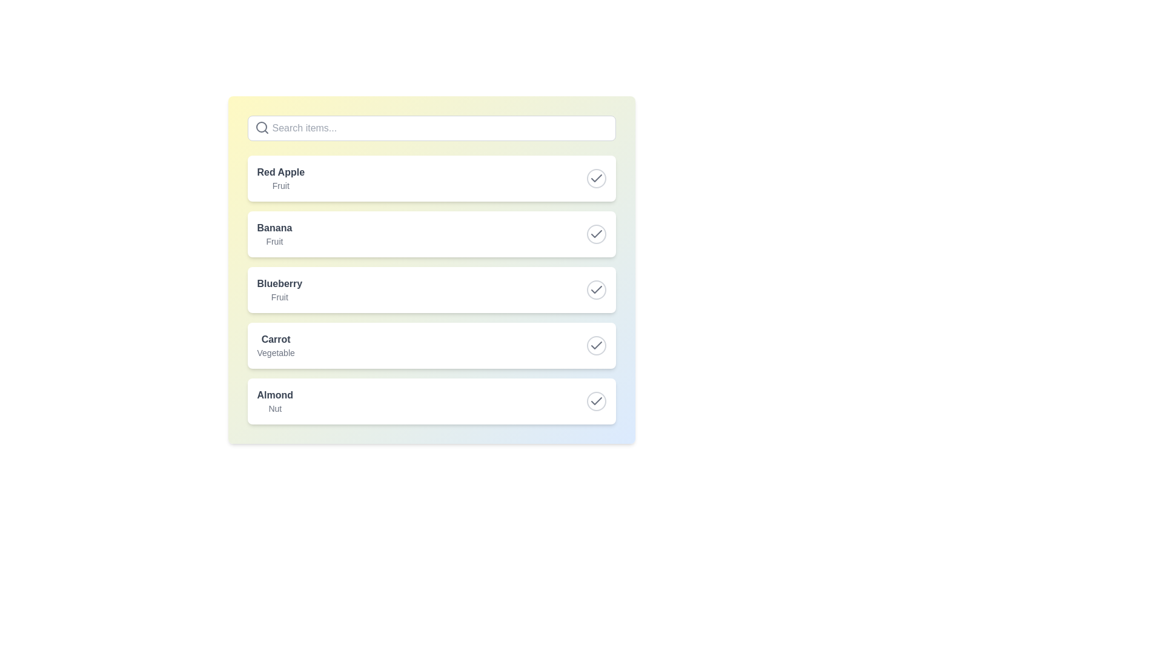 This screenshot has width=1163, height=654. What do you see at coordinates (274, 401) in the screenshot?
I see `the text block containing 'Almond' and 'Nut', which is vertically stacked and aligned to the left, located under 'Carrot'` at bounding box center [274, 401].